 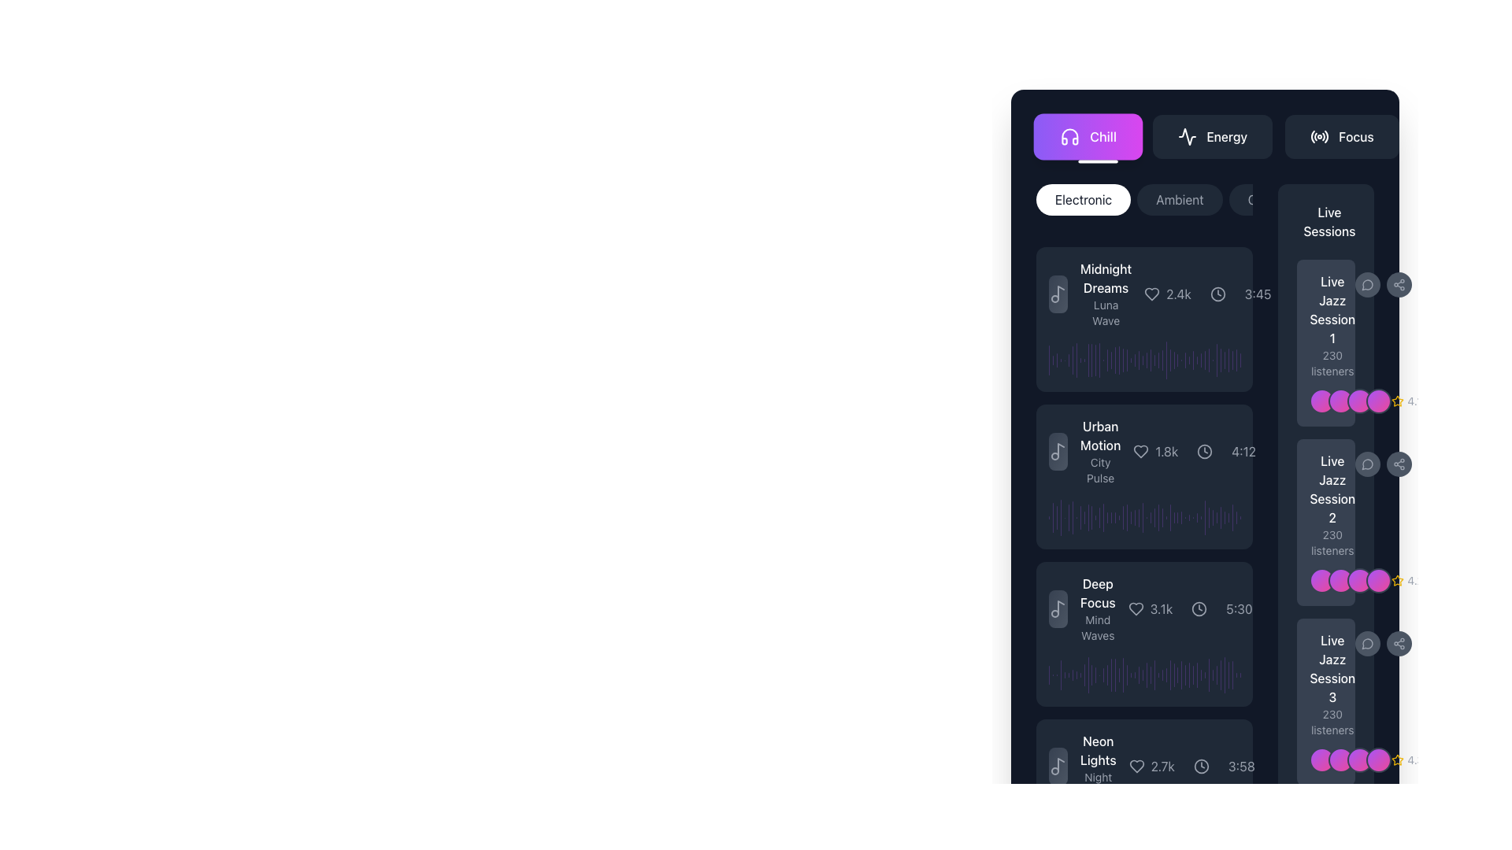 What do you see at coordinates (1058, 294) in the screenshot?
I see `the icon representing the song 'Midnight Dreams', located in the left sidebar near the text 'Midnight Dreams' and 'Luna Wave'` at bounding box center [1058, 294].